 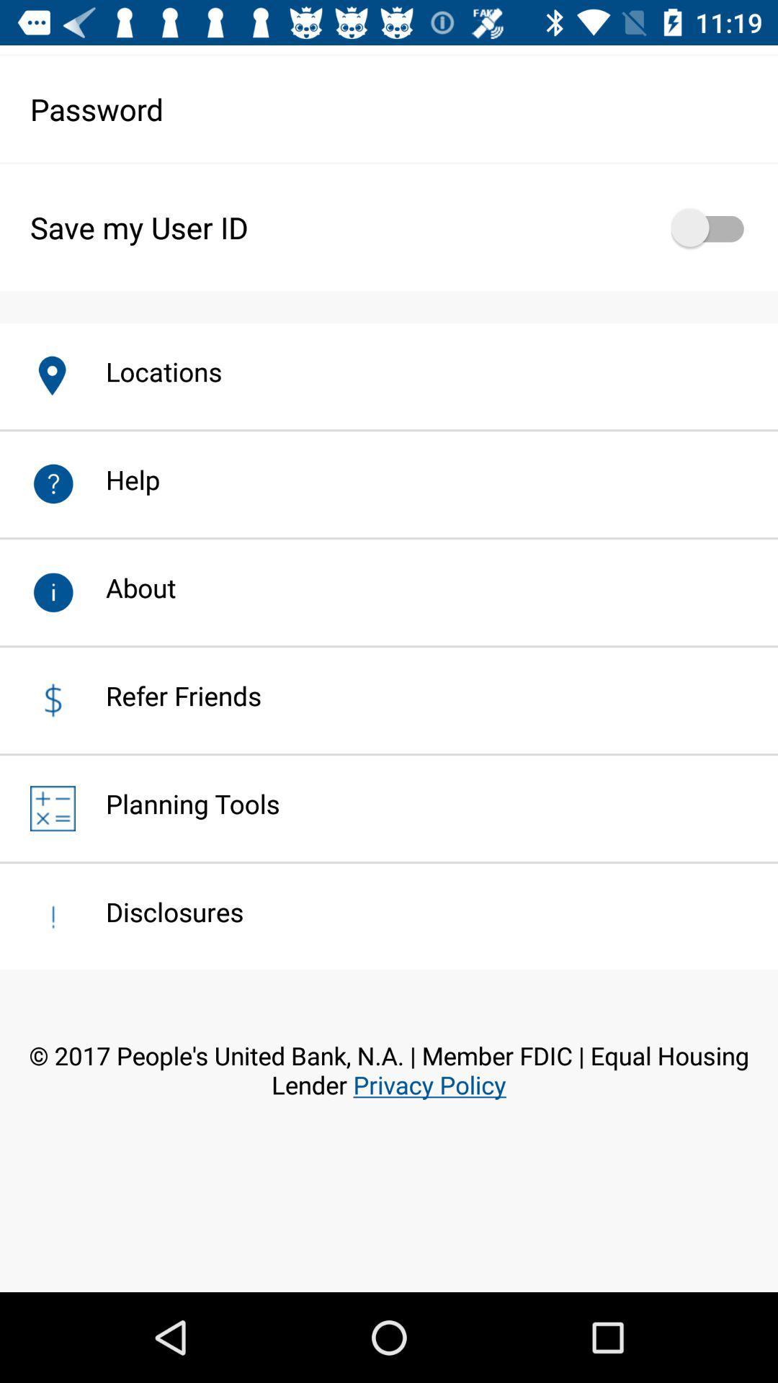 I want to click on the help app, so click(x=117, y=480).